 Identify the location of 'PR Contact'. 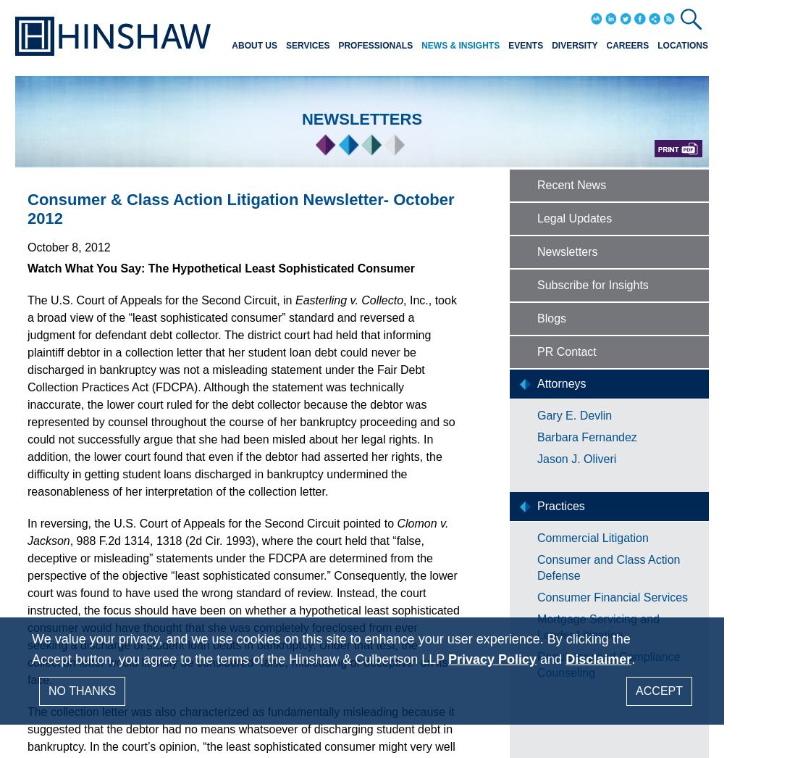
(566, 351).